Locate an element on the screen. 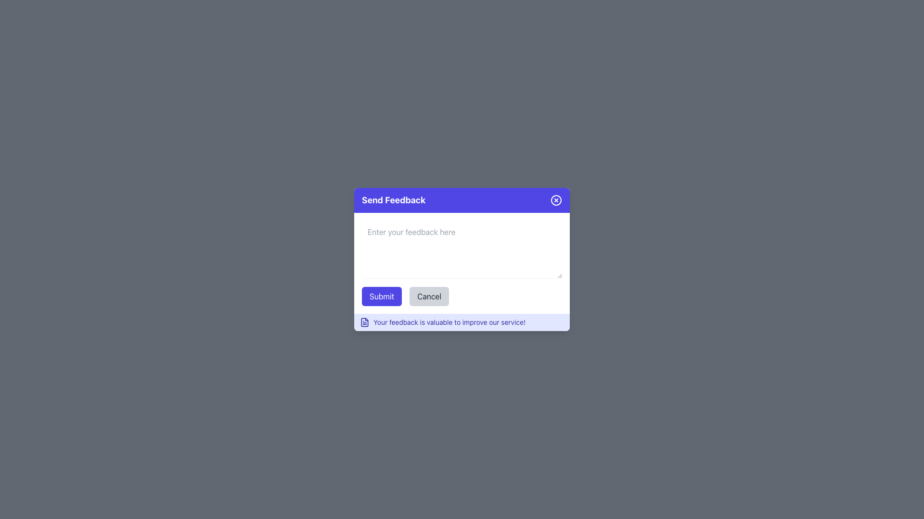  the 'Cancel' button located at the bottom-right of the feedback form modal, which is positioned to the right of the 'Submit' button is located at coordinates (429, 296).